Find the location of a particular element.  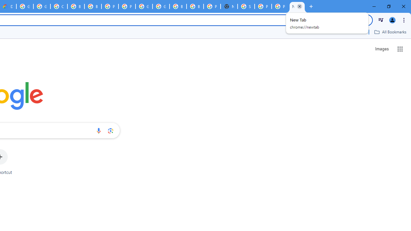

'Sign in - Google Accounts' is located at coordinates (246, 6).